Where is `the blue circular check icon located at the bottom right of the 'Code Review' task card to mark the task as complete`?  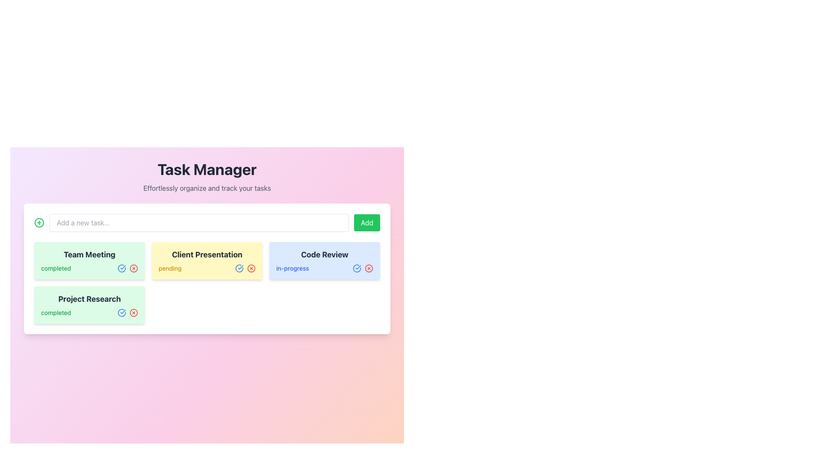
the blue circular check icon located at the bottom right of the 'Code Review' task card to mark the task as complete is located at coordinates (324, 260).